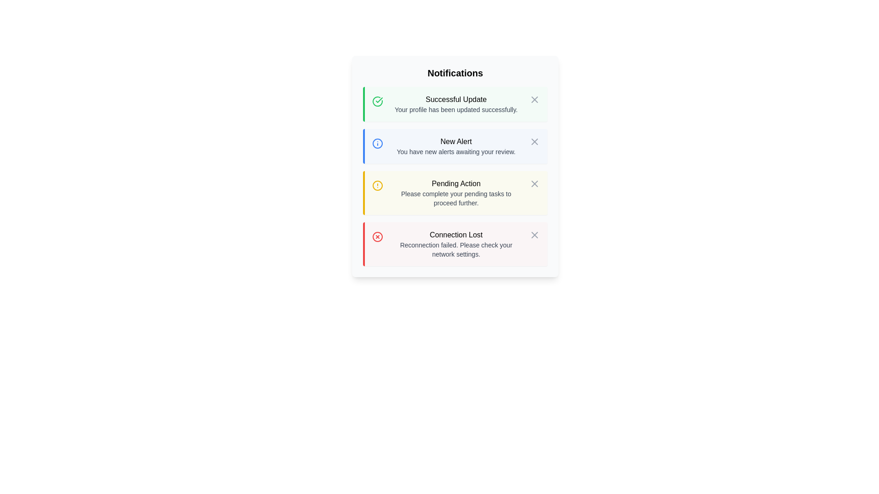 This screenshot has width=879, height=494. Describe the element at coordinates (378, 143) in the screenshot. I see `the information alert icon located in the left portion of the 'New Alert' notification box, before the text content` at that location.